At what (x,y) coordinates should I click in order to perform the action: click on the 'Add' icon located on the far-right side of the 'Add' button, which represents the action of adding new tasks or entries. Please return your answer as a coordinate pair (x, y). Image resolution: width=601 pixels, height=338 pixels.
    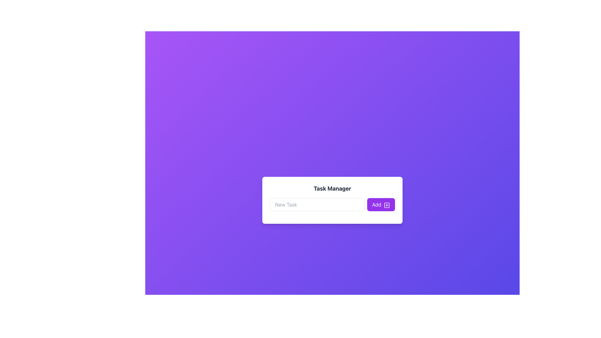
    Looking at the image, I should click on (387, 205).